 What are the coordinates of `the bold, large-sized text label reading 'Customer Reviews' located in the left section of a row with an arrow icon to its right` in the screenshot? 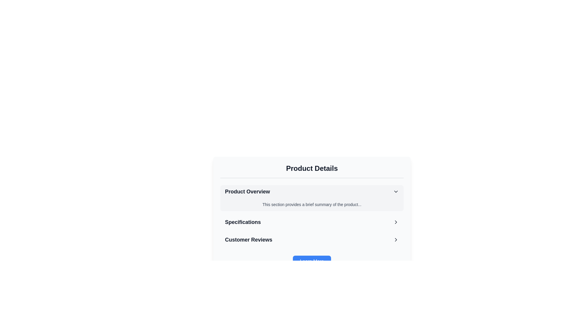 It's located at (249, 240).